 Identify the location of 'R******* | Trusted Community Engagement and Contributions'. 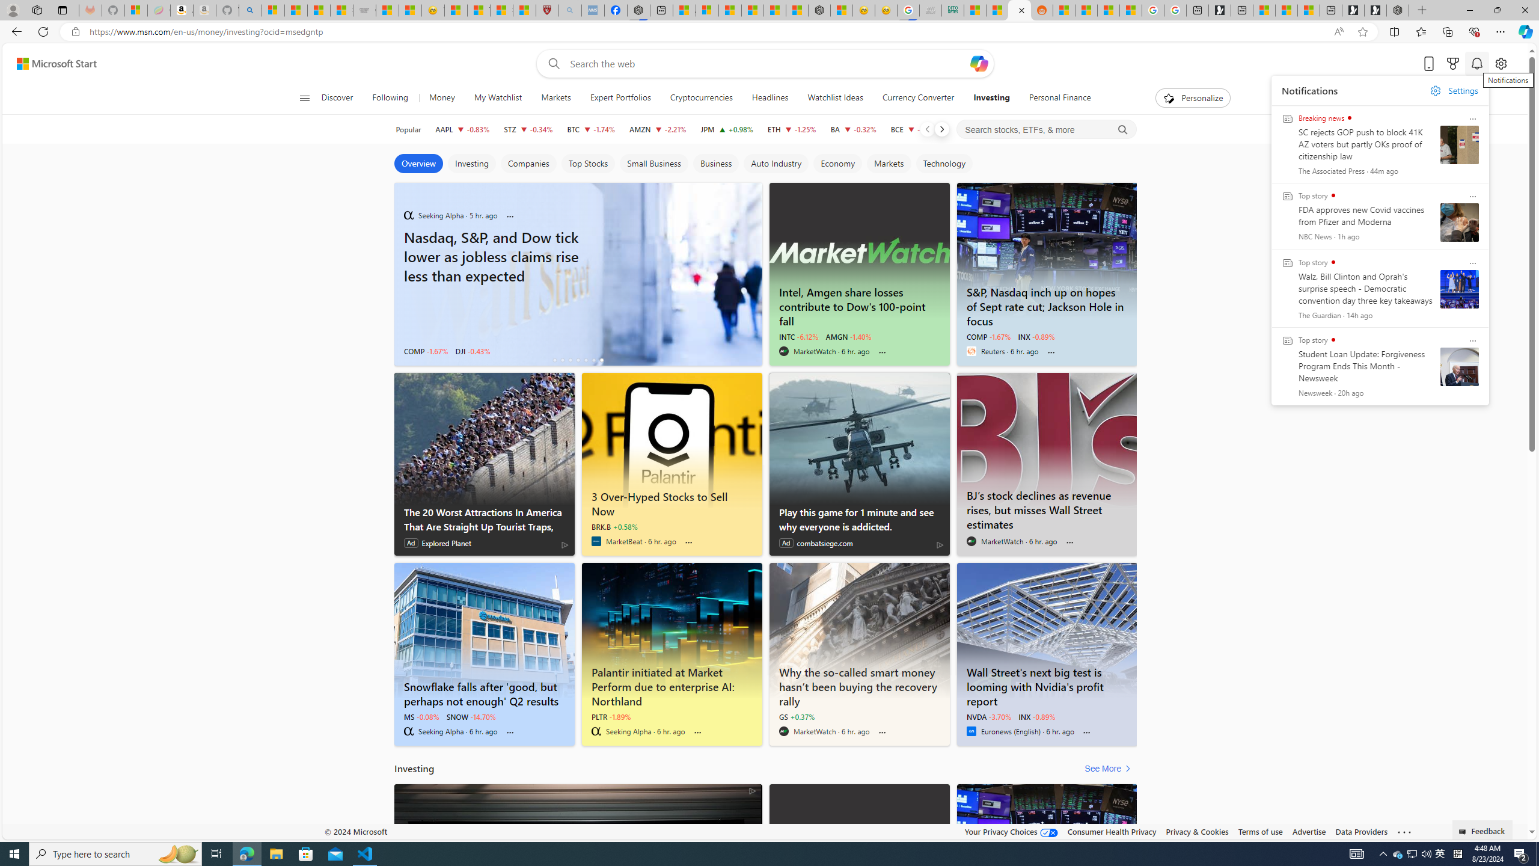
(1063, 10).